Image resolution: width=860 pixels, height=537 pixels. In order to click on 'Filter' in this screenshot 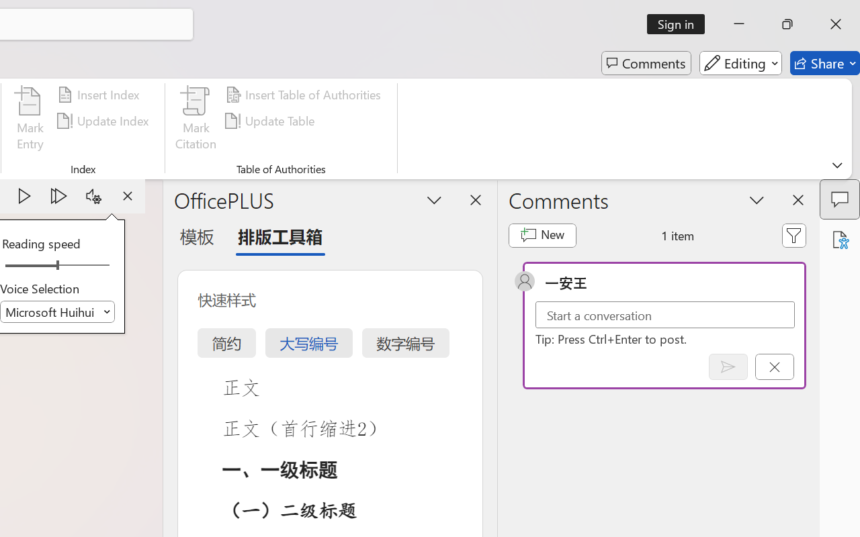, I will do `click(794, 235)`.